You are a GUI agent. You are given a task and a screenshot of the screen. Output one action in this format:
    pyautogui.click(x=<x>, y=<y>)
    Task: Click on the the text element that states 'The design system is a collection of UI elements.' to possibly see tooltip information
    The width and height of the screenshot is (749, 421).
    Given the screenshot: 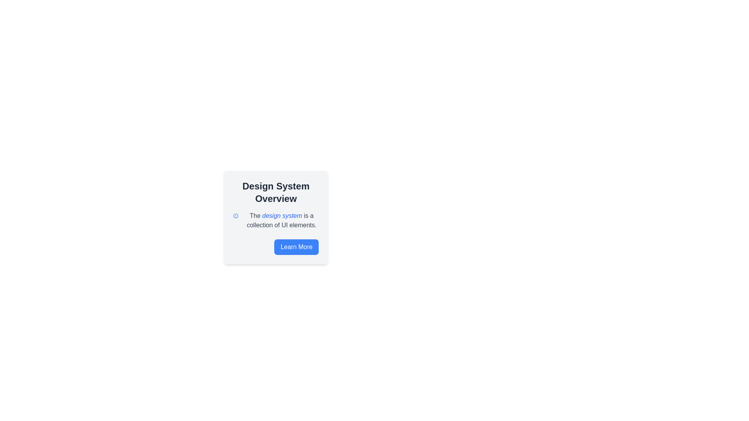 What is the action you would take?
    pyautogui.click(x=276, y=221)
    